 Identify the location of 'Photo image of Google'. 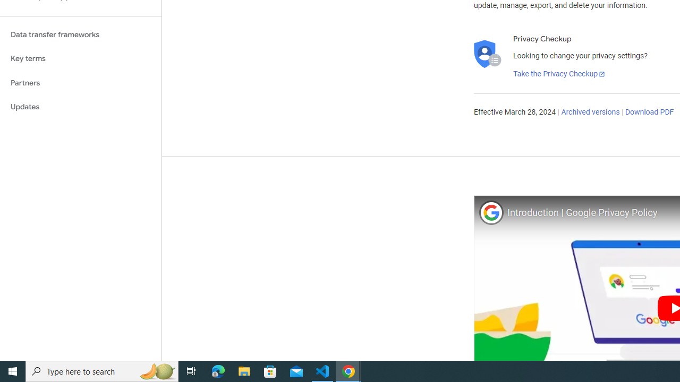
(490, 212).